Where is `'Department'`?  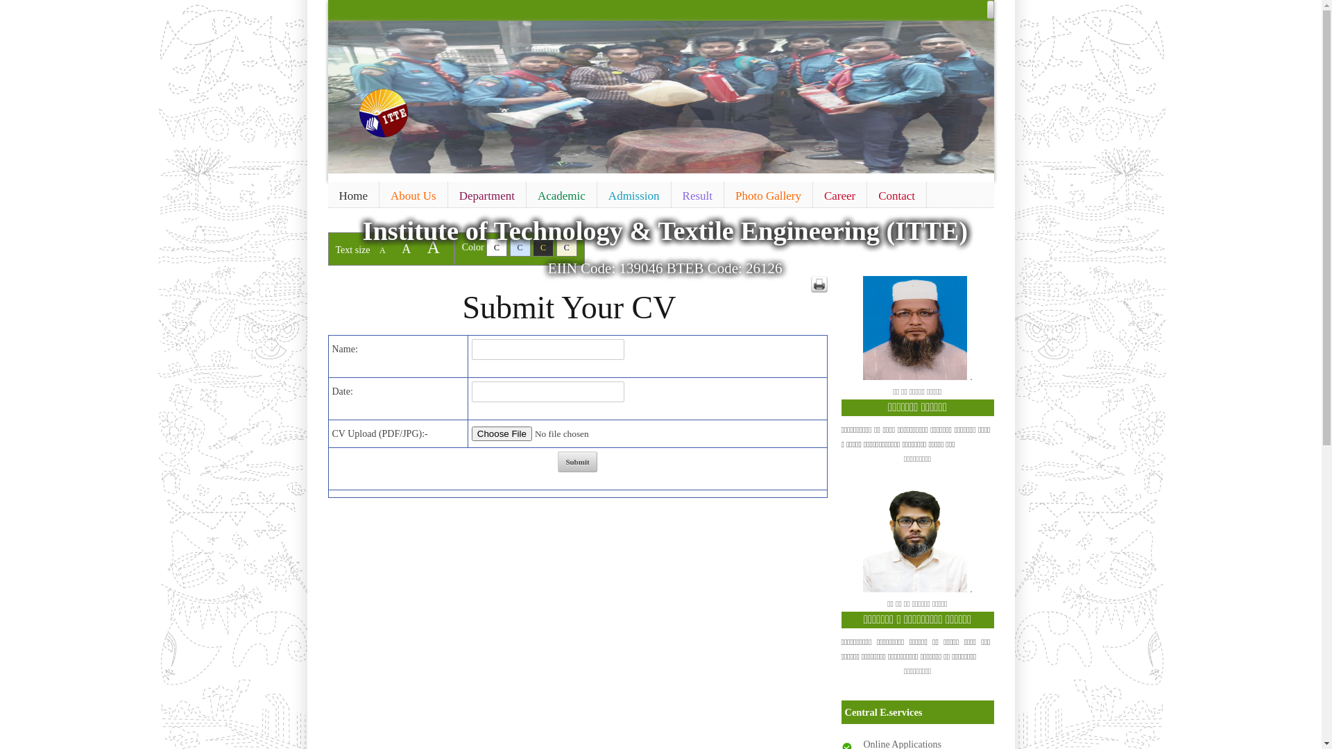
'Department' is located at coordinates (486, 196).